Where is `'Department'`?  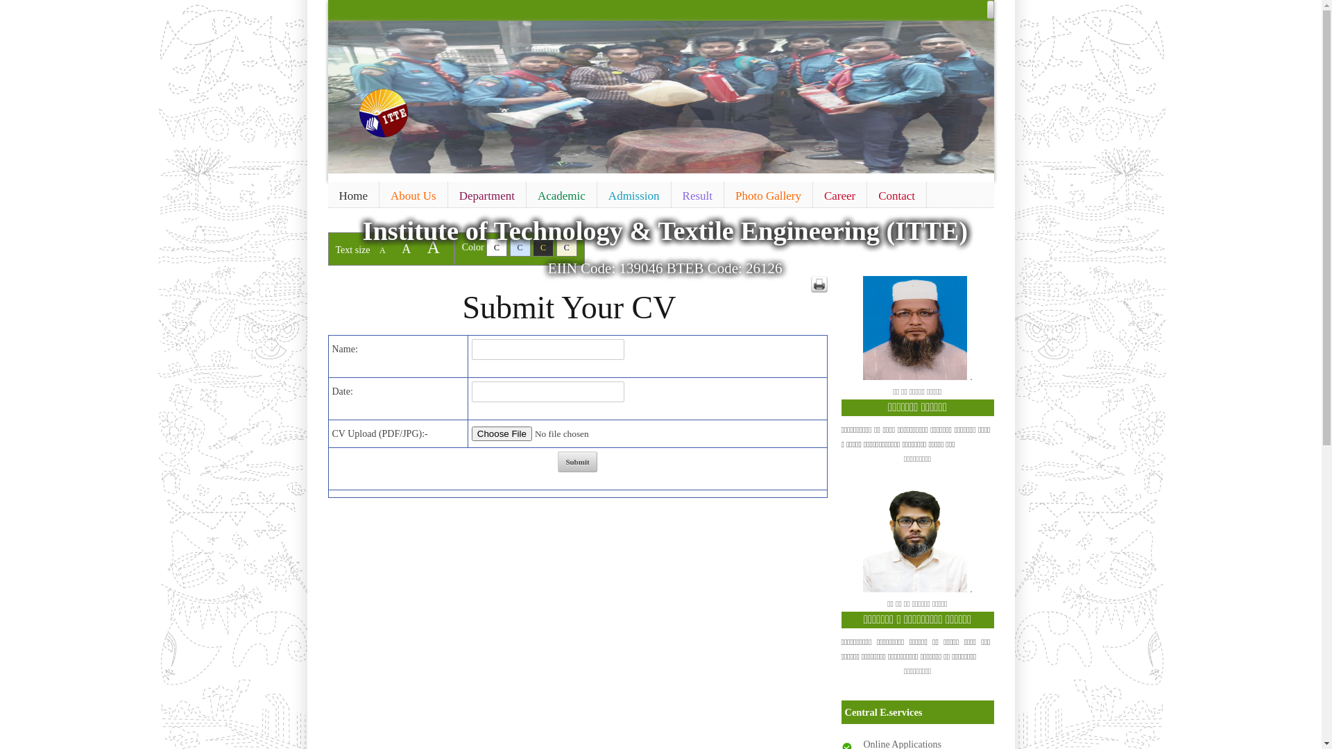
'Department' is located at coordinates (486, 196).